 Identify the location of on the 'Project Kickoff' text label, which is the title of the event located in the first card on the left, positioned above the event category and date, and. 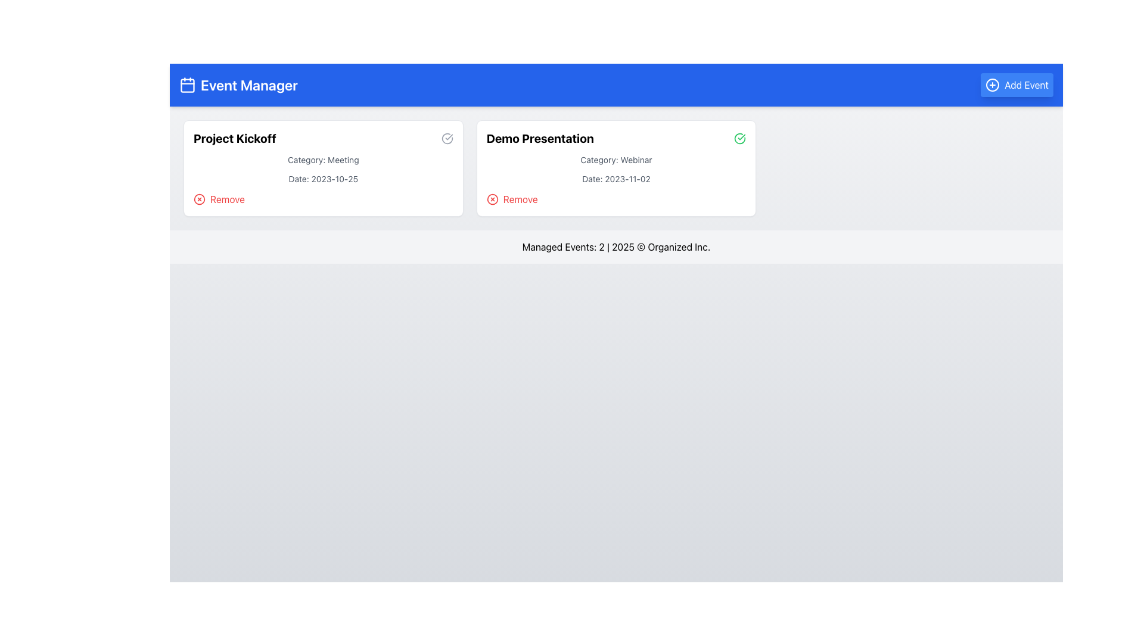
(235, 138).